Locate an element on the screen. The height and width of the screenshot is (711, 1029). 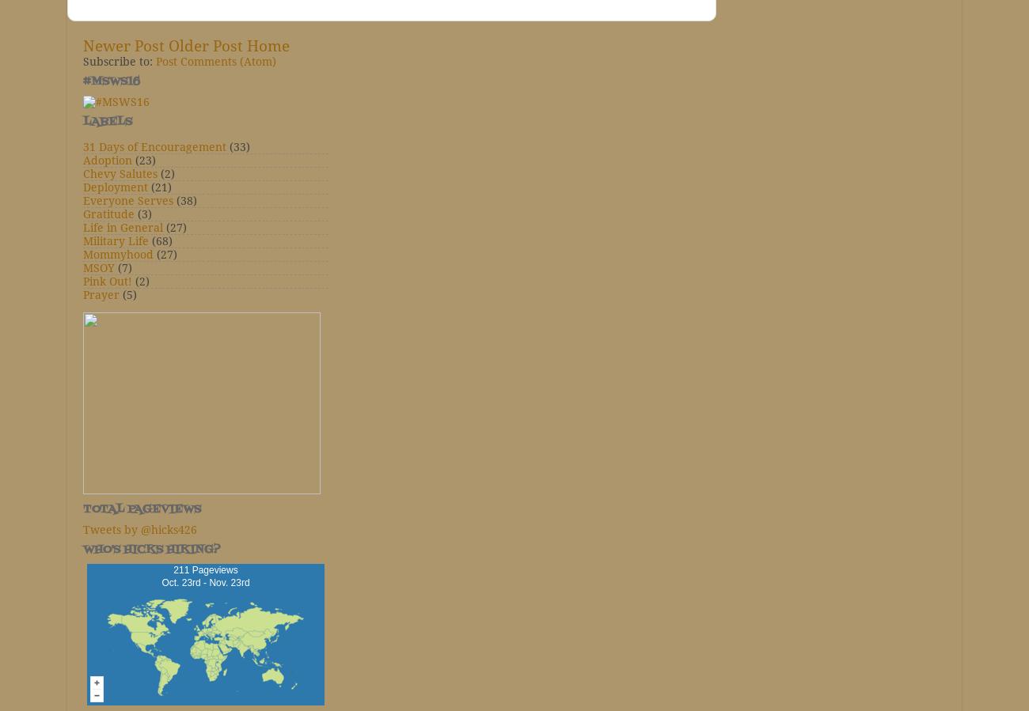
'MSOY' is located at coordinates (83, 267).